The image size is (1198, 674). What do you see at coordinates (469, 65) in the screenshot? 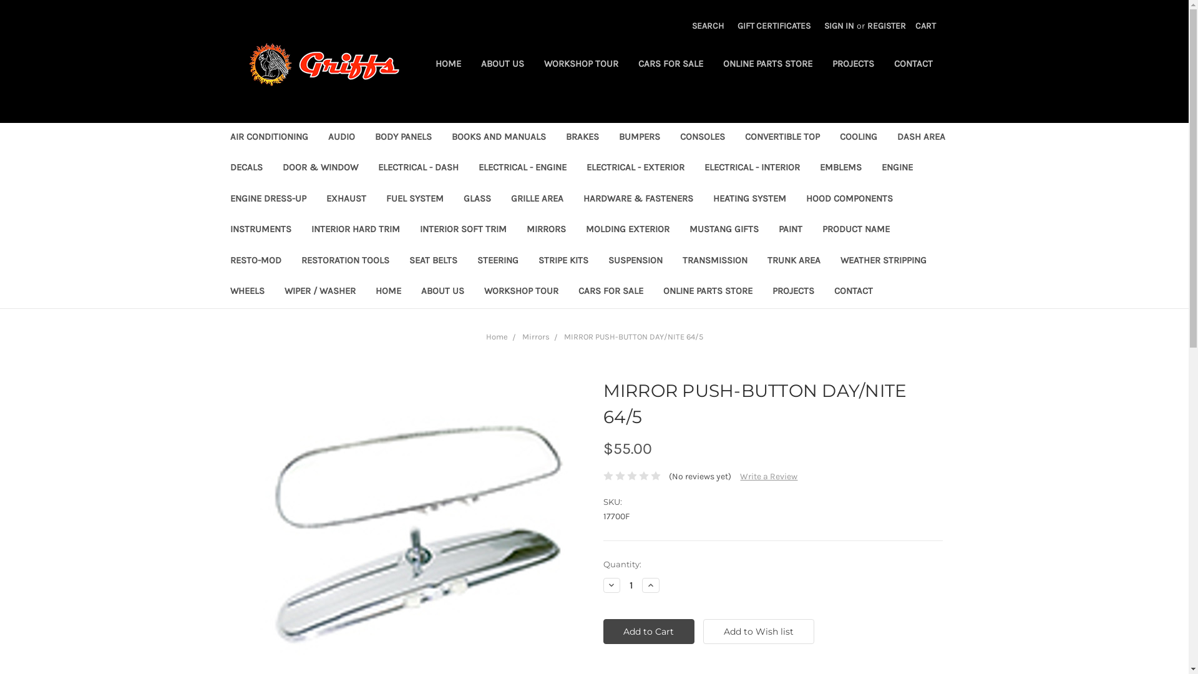
I see `'ABOUT US'` at bounding box center [469, 65].